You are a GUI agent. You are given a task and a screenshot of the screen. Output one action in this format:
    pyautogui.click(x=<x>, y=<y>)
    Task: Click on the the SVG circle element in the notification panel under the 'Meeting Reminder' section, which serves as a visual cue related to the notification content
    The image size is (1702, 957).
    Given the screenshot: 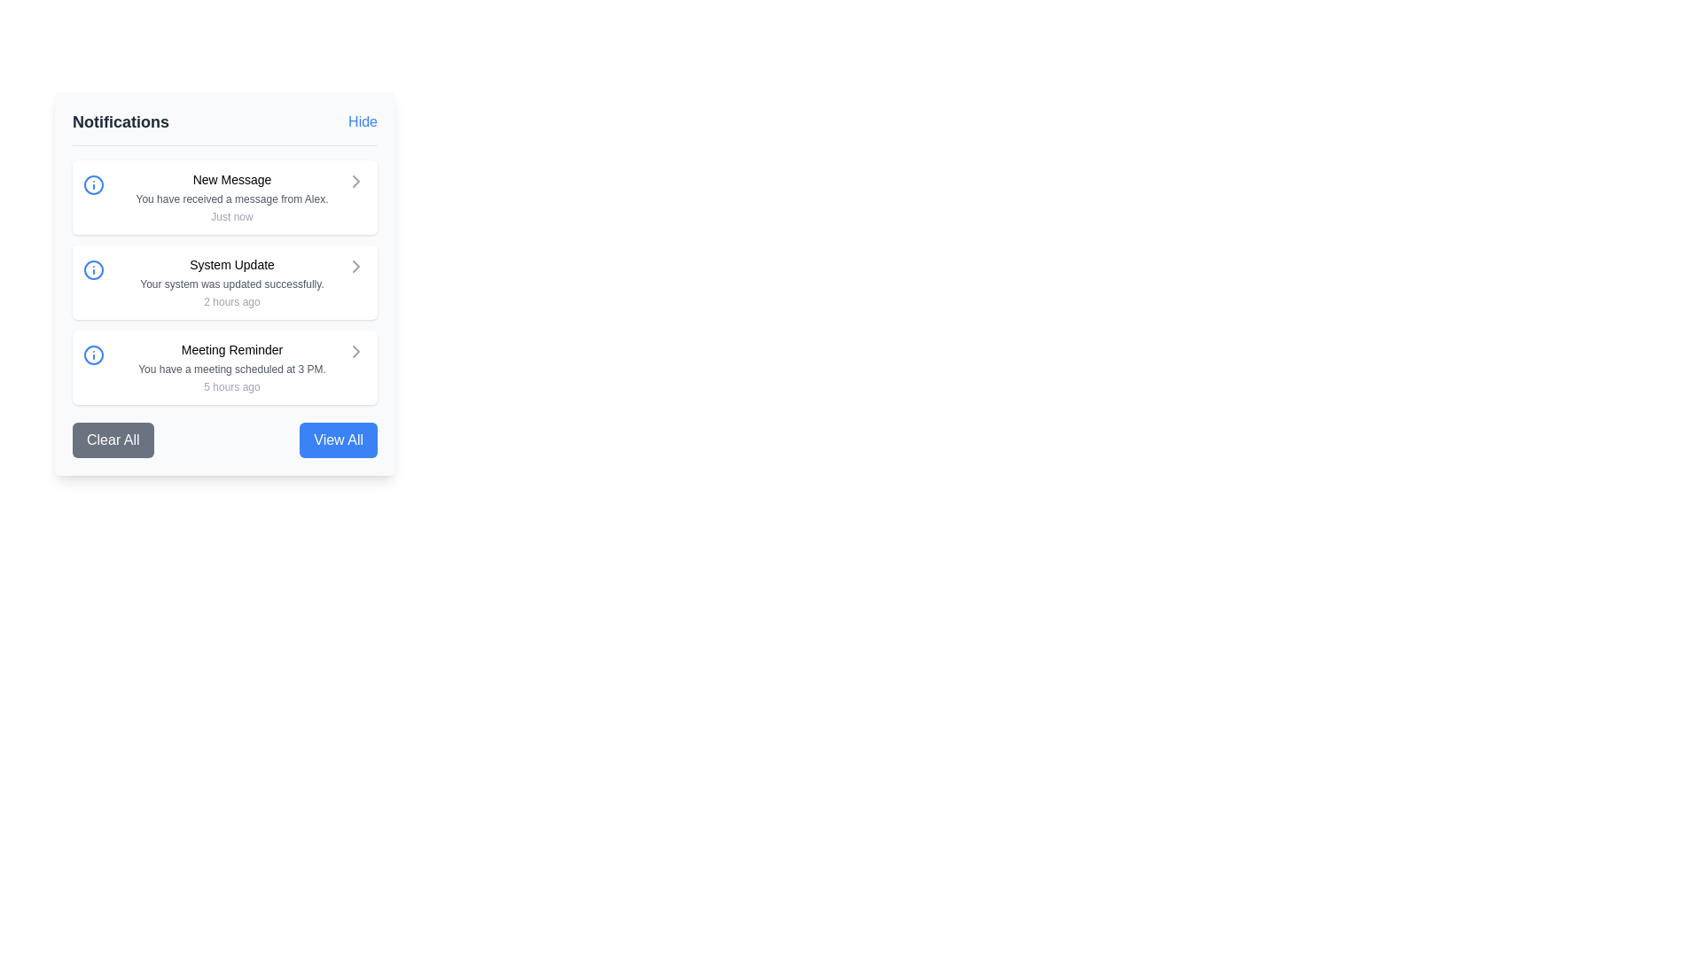 What is the action you would take?
    pyautogui.click(x=92, y=355)
    